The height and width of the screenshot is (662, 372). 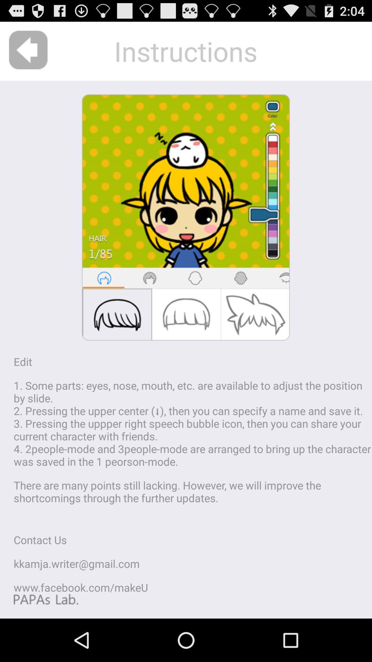 I want to click on kkamja writer gmail app, so click(x=76, y=563).